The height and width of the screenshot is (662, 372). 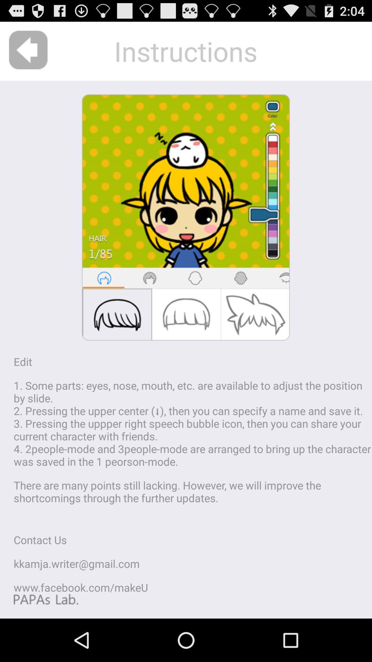 I want to click on kkamja writer gmail app, so click(x=76, y=563).